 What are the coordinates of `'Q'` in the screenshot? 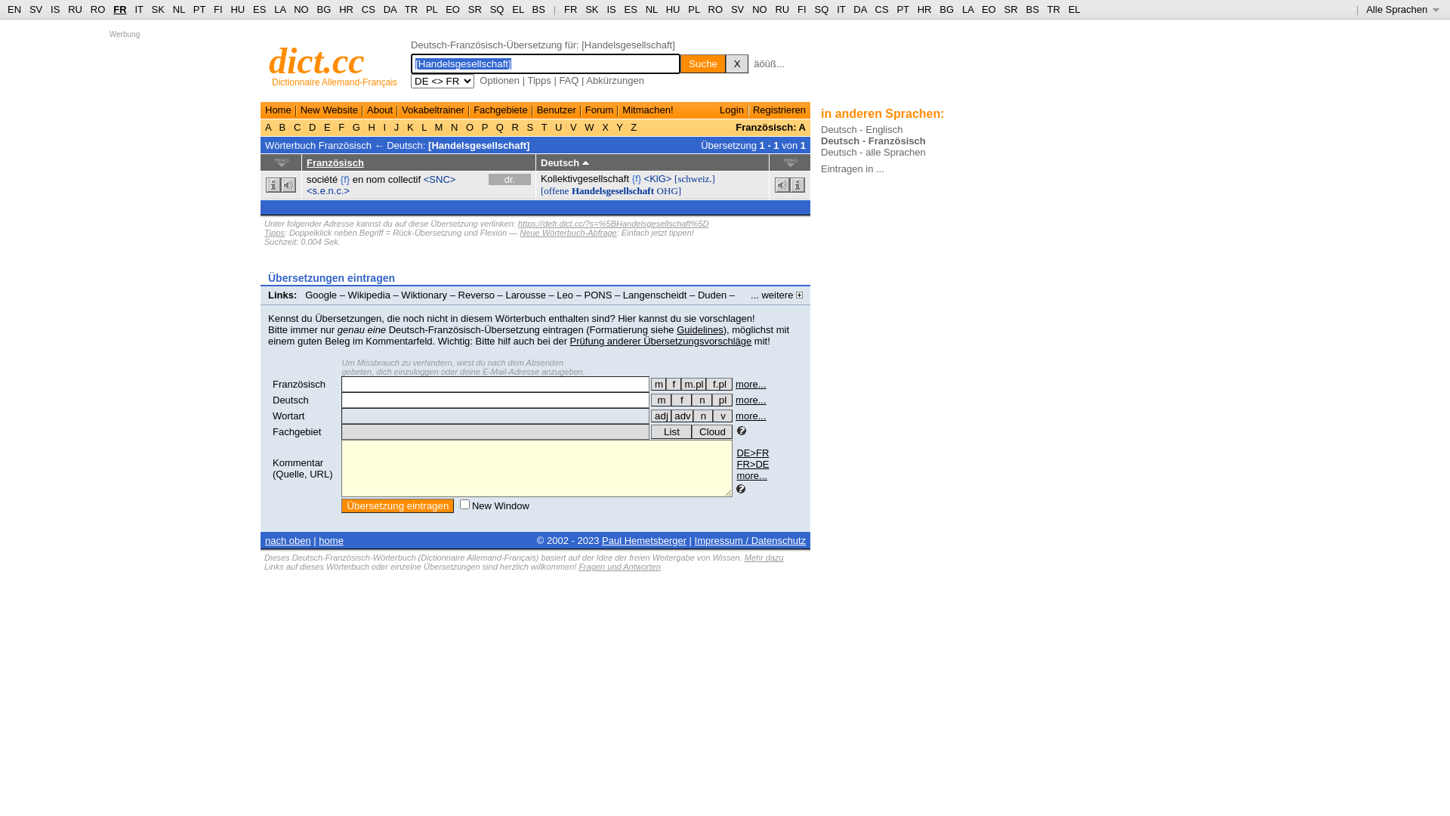 It's located at (499, 126).